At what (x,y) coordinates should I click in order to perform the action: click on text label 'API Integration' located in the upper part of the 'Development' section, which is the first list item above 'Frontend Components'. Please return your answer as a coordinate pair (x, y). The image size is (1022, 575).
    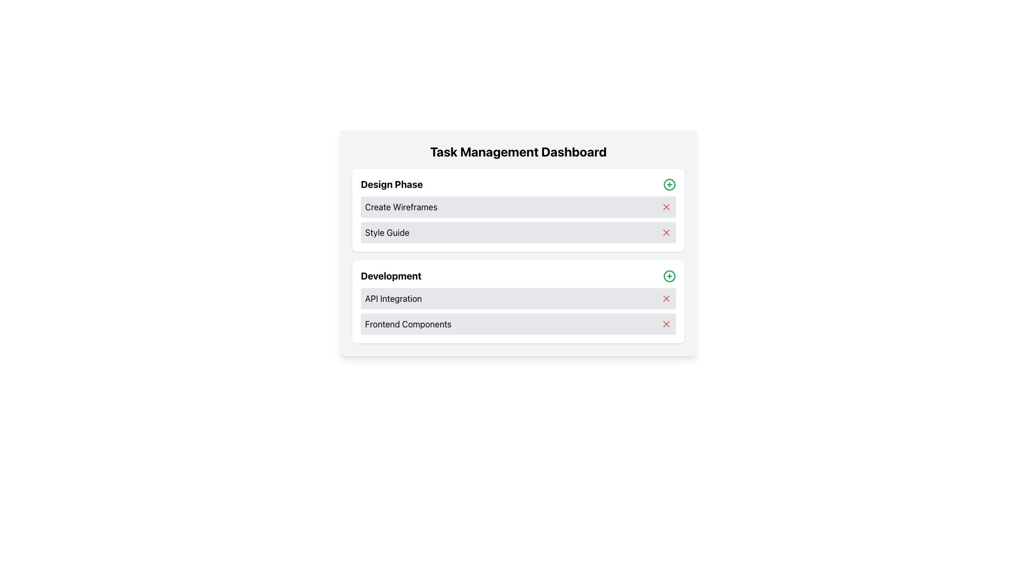
    Looking at the image, I should click on (393, 298).